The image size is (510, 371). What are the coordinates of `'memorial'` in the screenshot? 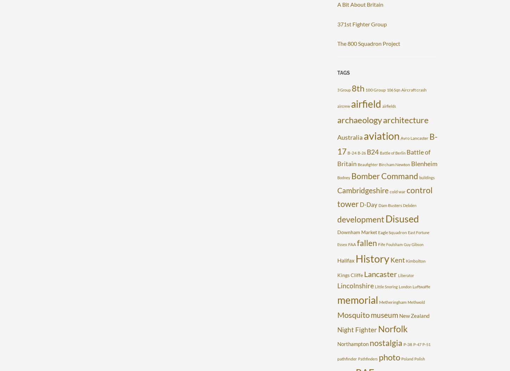 It's located at (358, 300).